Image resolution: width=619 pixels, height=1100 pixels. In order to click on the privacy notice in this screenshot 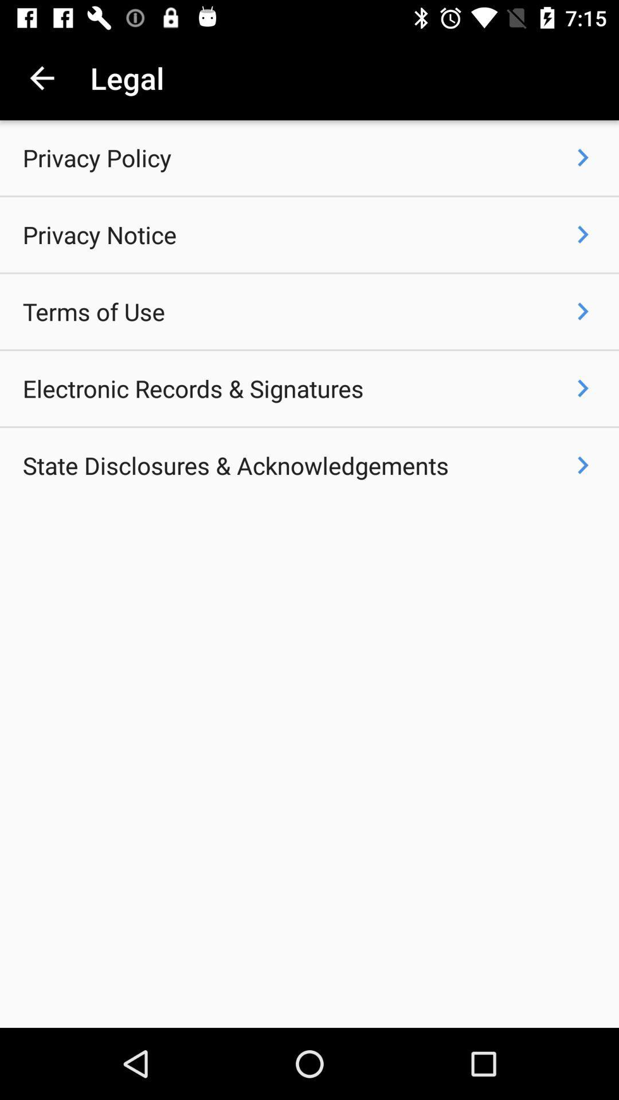, I will do `click(99, 234)`.